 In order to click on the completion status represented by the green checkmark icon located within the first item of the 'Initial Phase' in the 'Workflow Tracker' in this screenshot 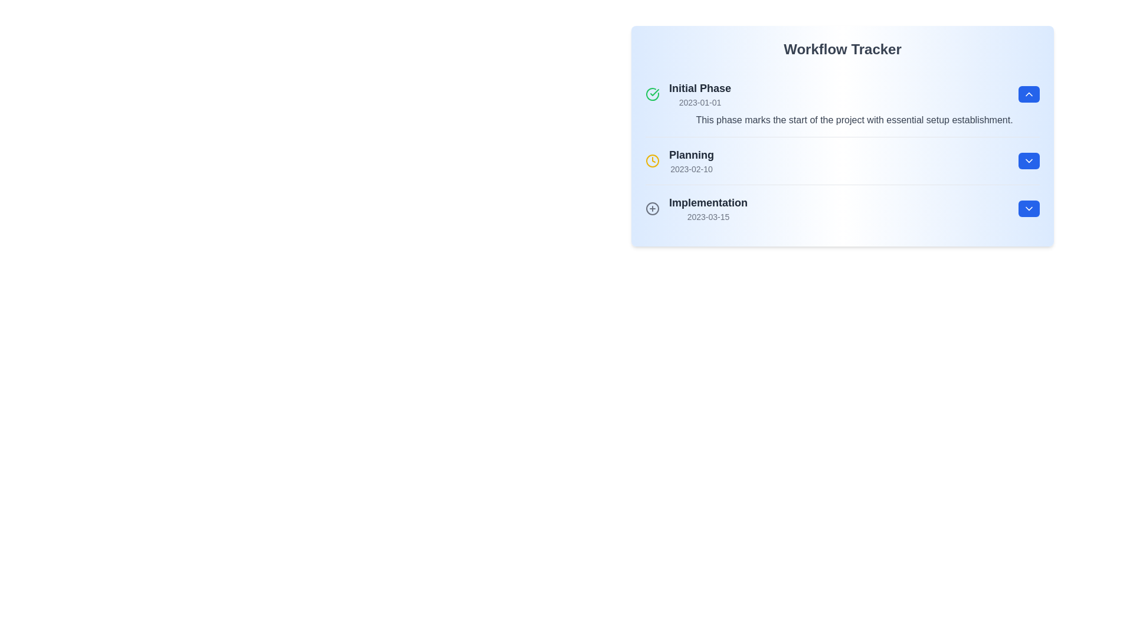, I will do `click(654, 92)`.